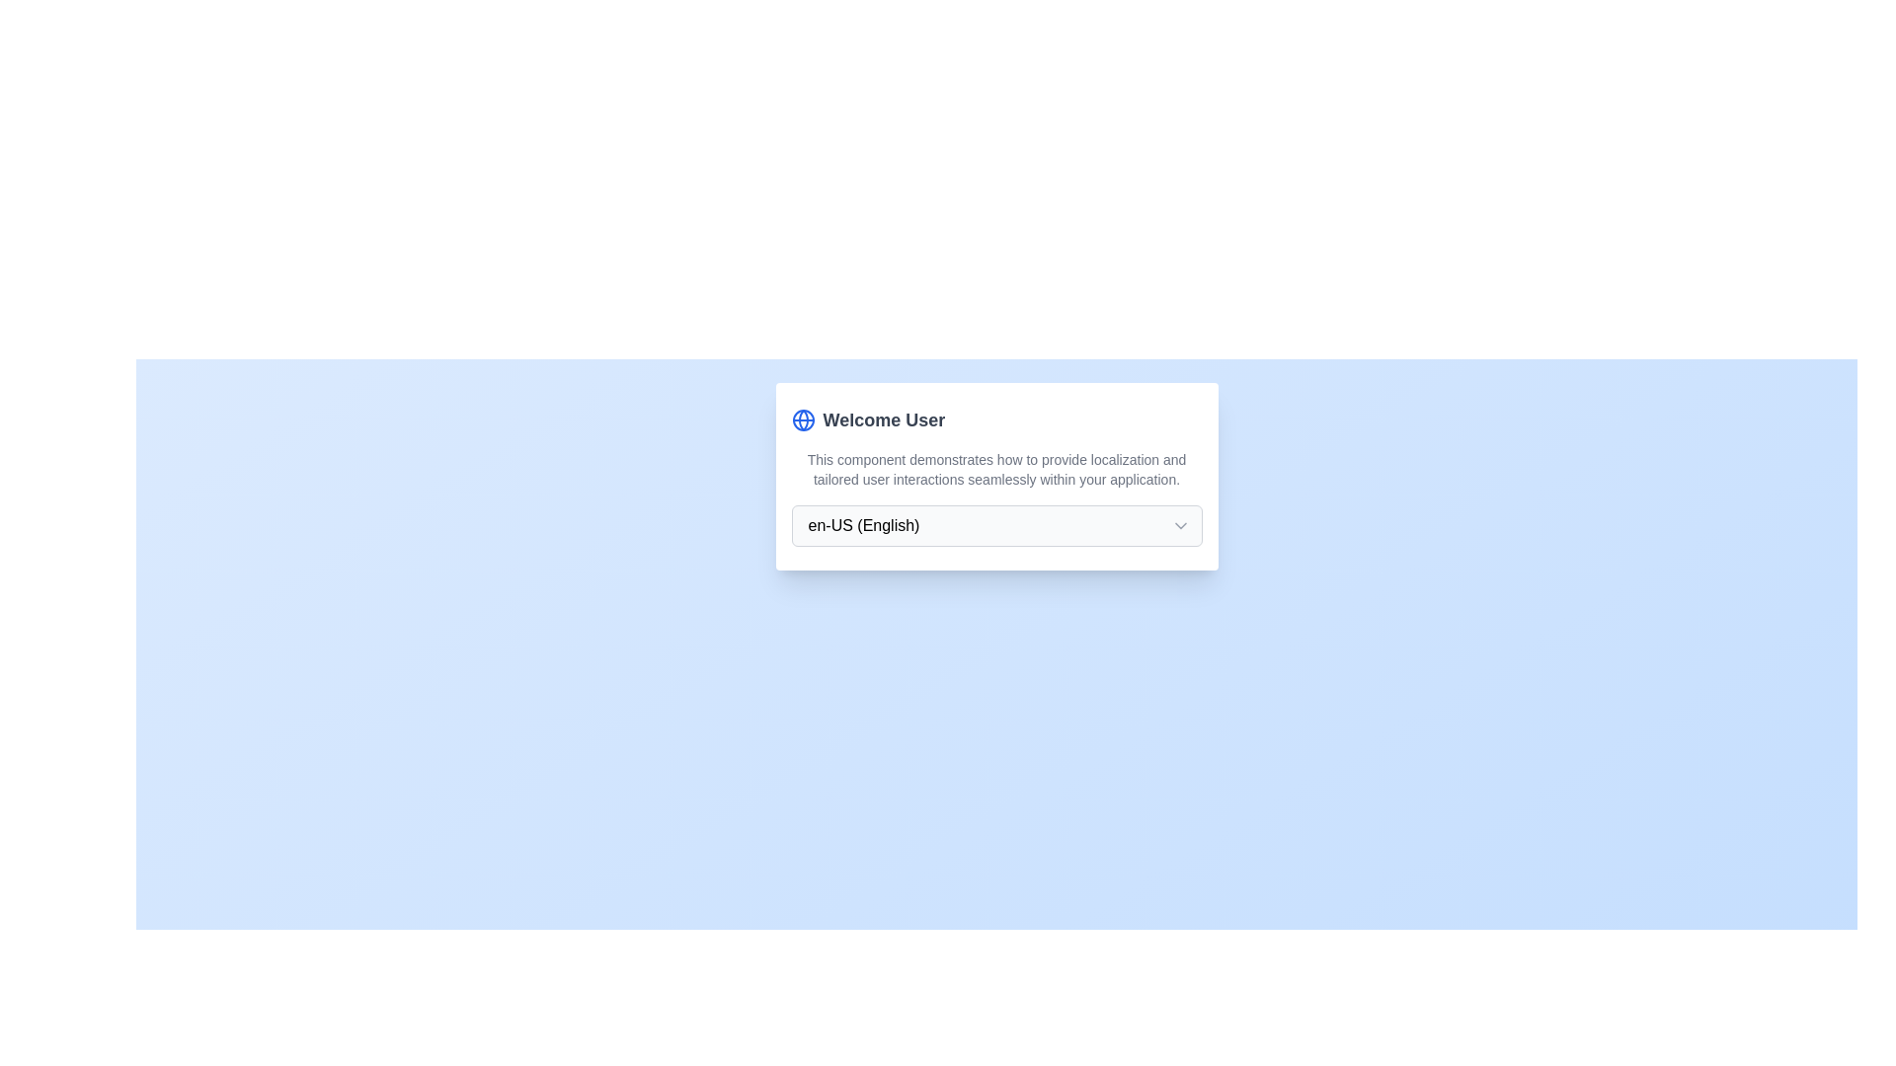  I want to click on the downward chevron arrow icon located at the right end of the text input field labeled 'en-US (English)', so click(1180, 524).